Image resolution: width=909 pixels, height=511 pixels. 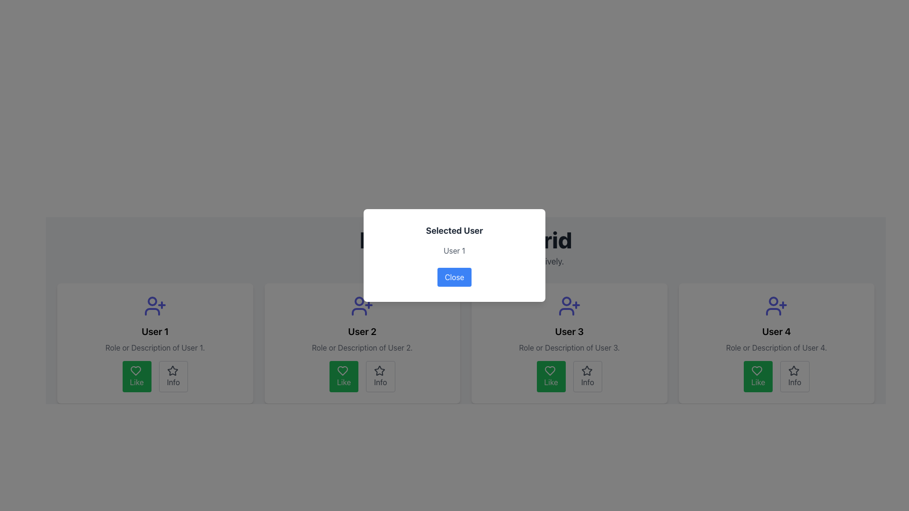 What do you see at coordinates (550, 370) in the screenshot?
I see `the heart-shaped icon with a gray border that is part of the 'Like' button located below the 'User 3' panel` at bounding box center [550, 370].